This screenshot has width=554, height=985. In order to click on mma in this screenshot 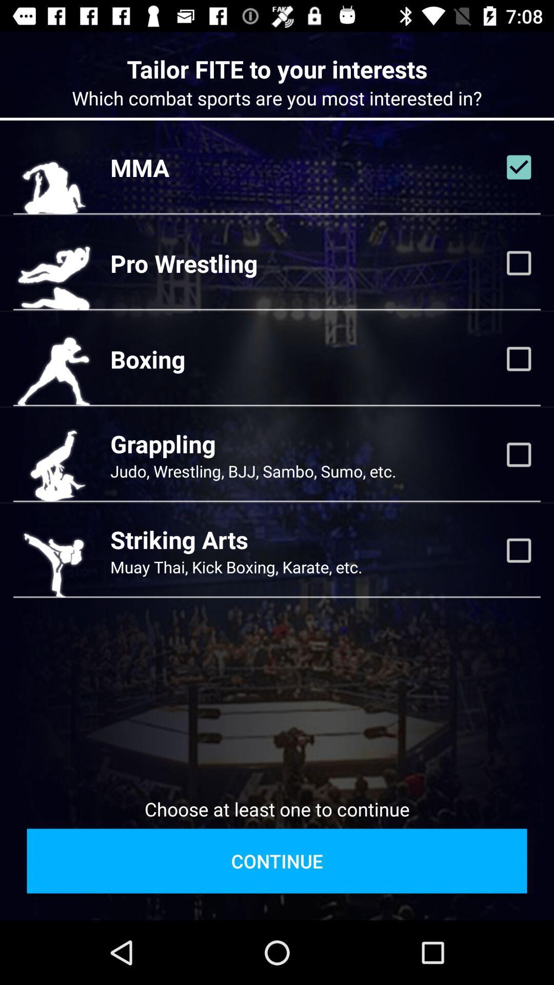, I will do `click(519, 167)`.